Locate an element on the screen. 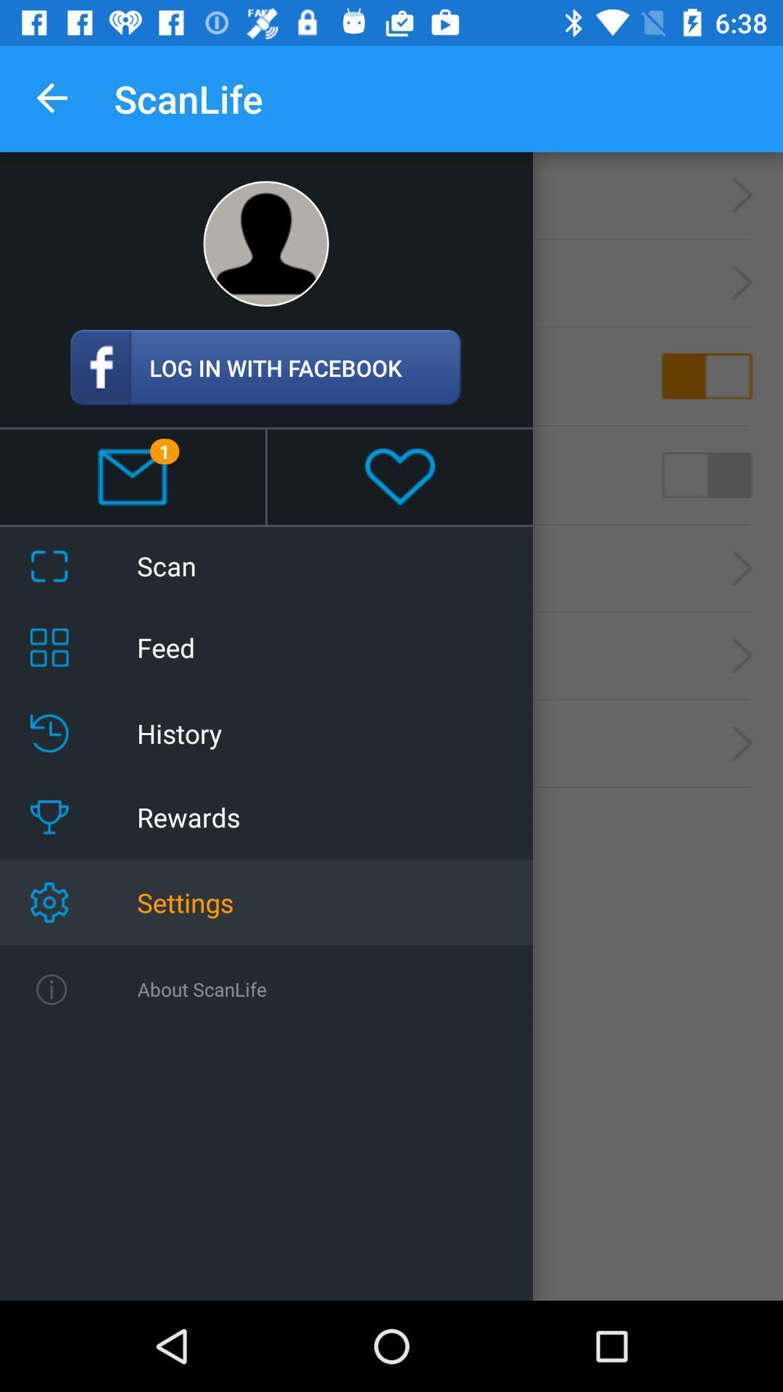 This screenshot has width=783, height=1392. the second arrow from the top of the page at the right side is located at coordinates (742, 283).